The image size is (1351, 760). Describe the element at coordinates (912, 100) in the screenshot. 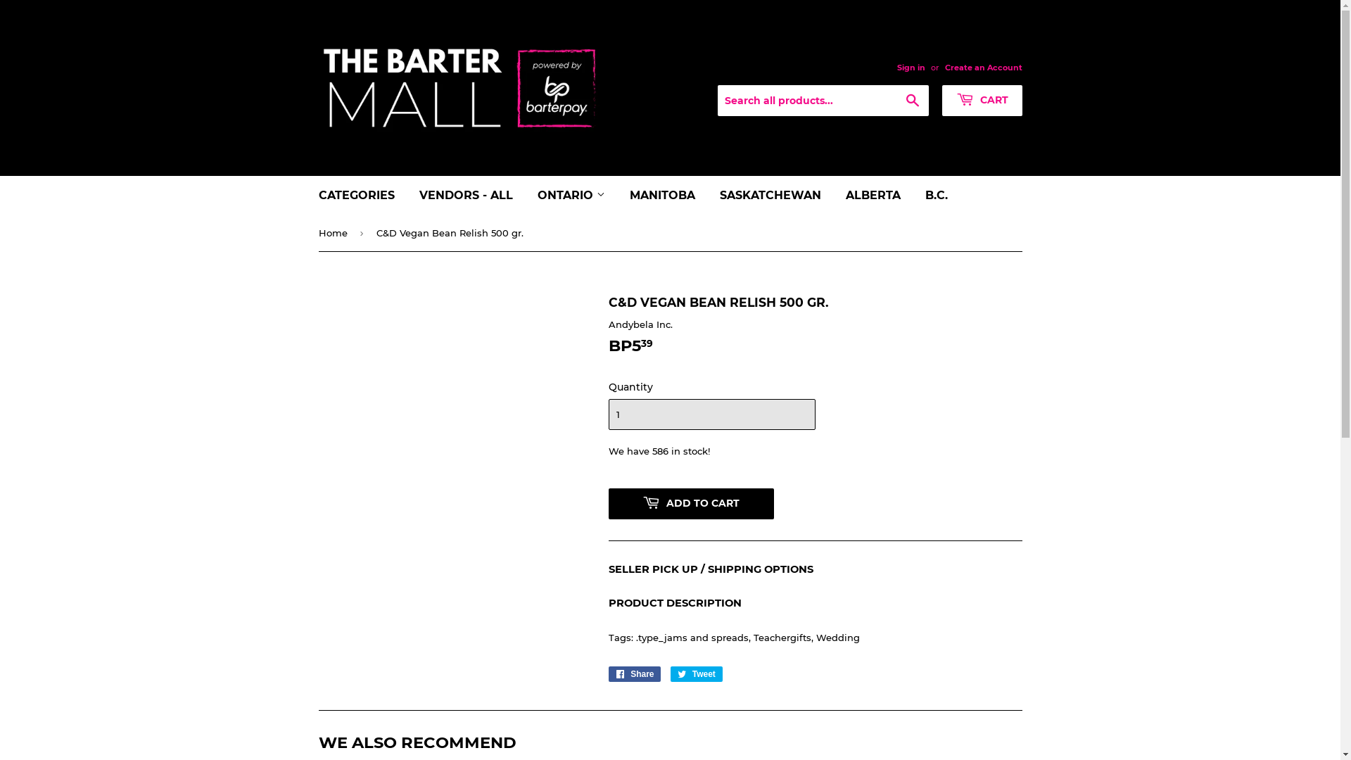

I see `'Search'` at that location.